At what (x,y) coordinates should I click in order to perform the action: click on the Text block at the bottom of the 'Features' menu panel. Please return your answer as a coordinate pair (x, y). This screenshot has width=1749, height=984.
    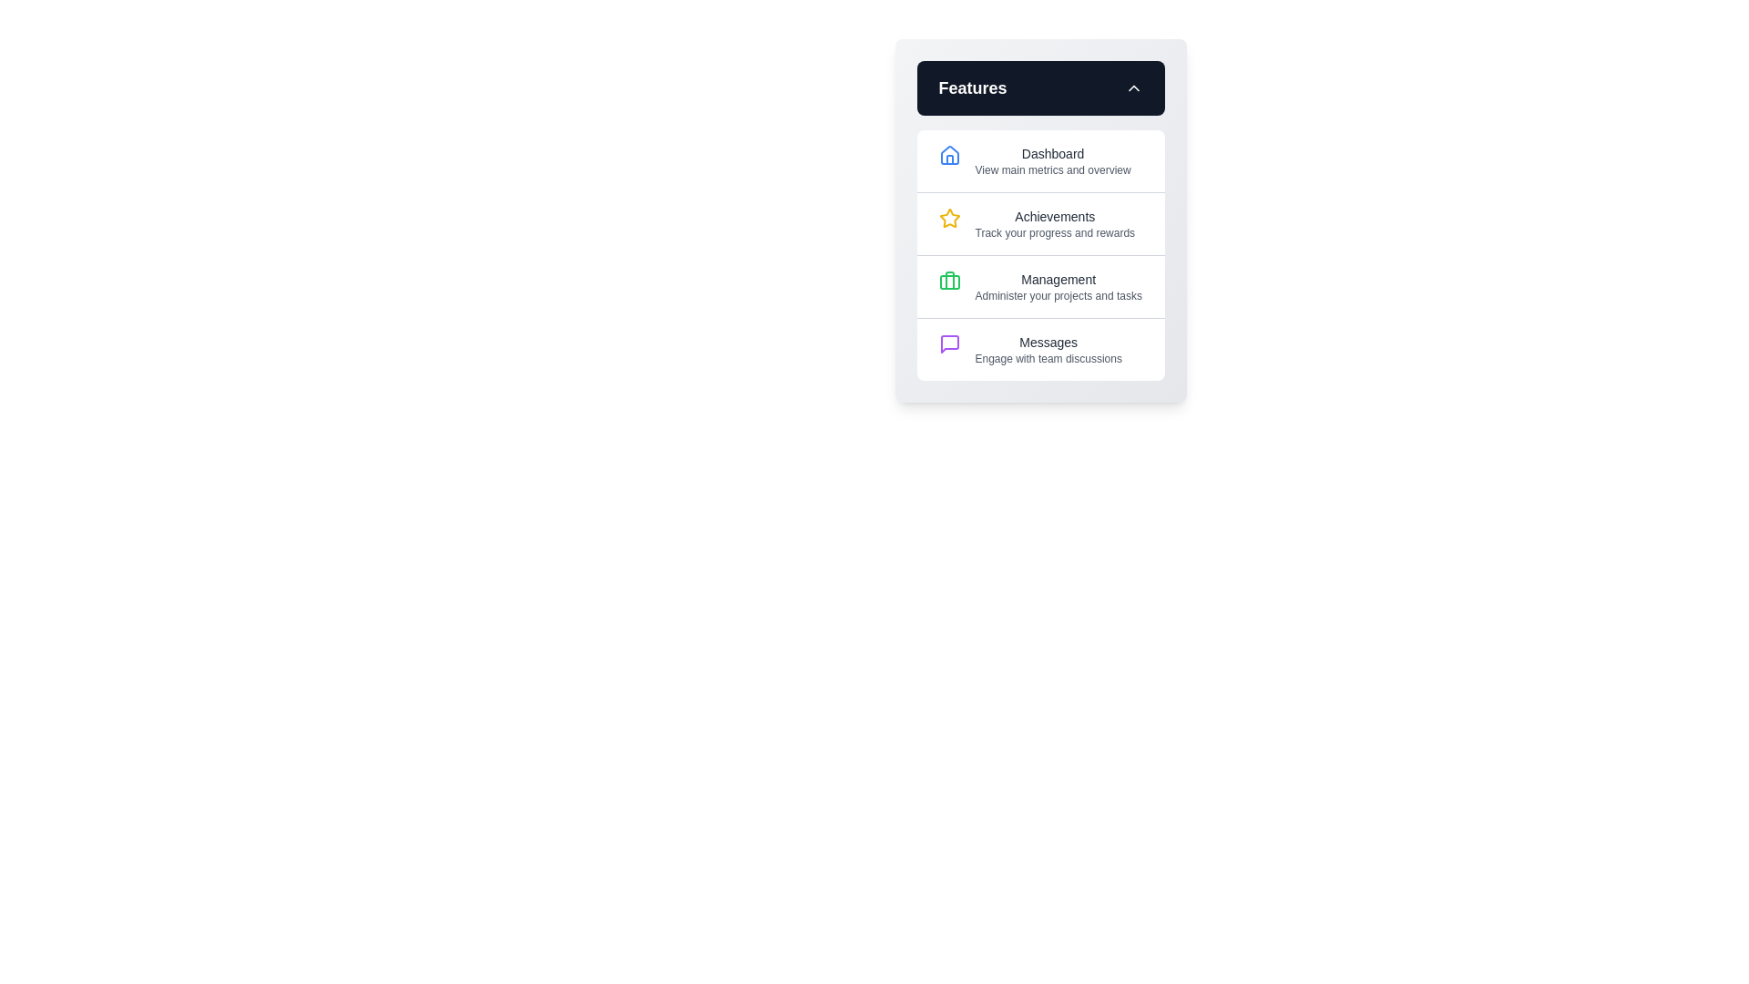
    Looking at the image, I should click on (1048, 350).